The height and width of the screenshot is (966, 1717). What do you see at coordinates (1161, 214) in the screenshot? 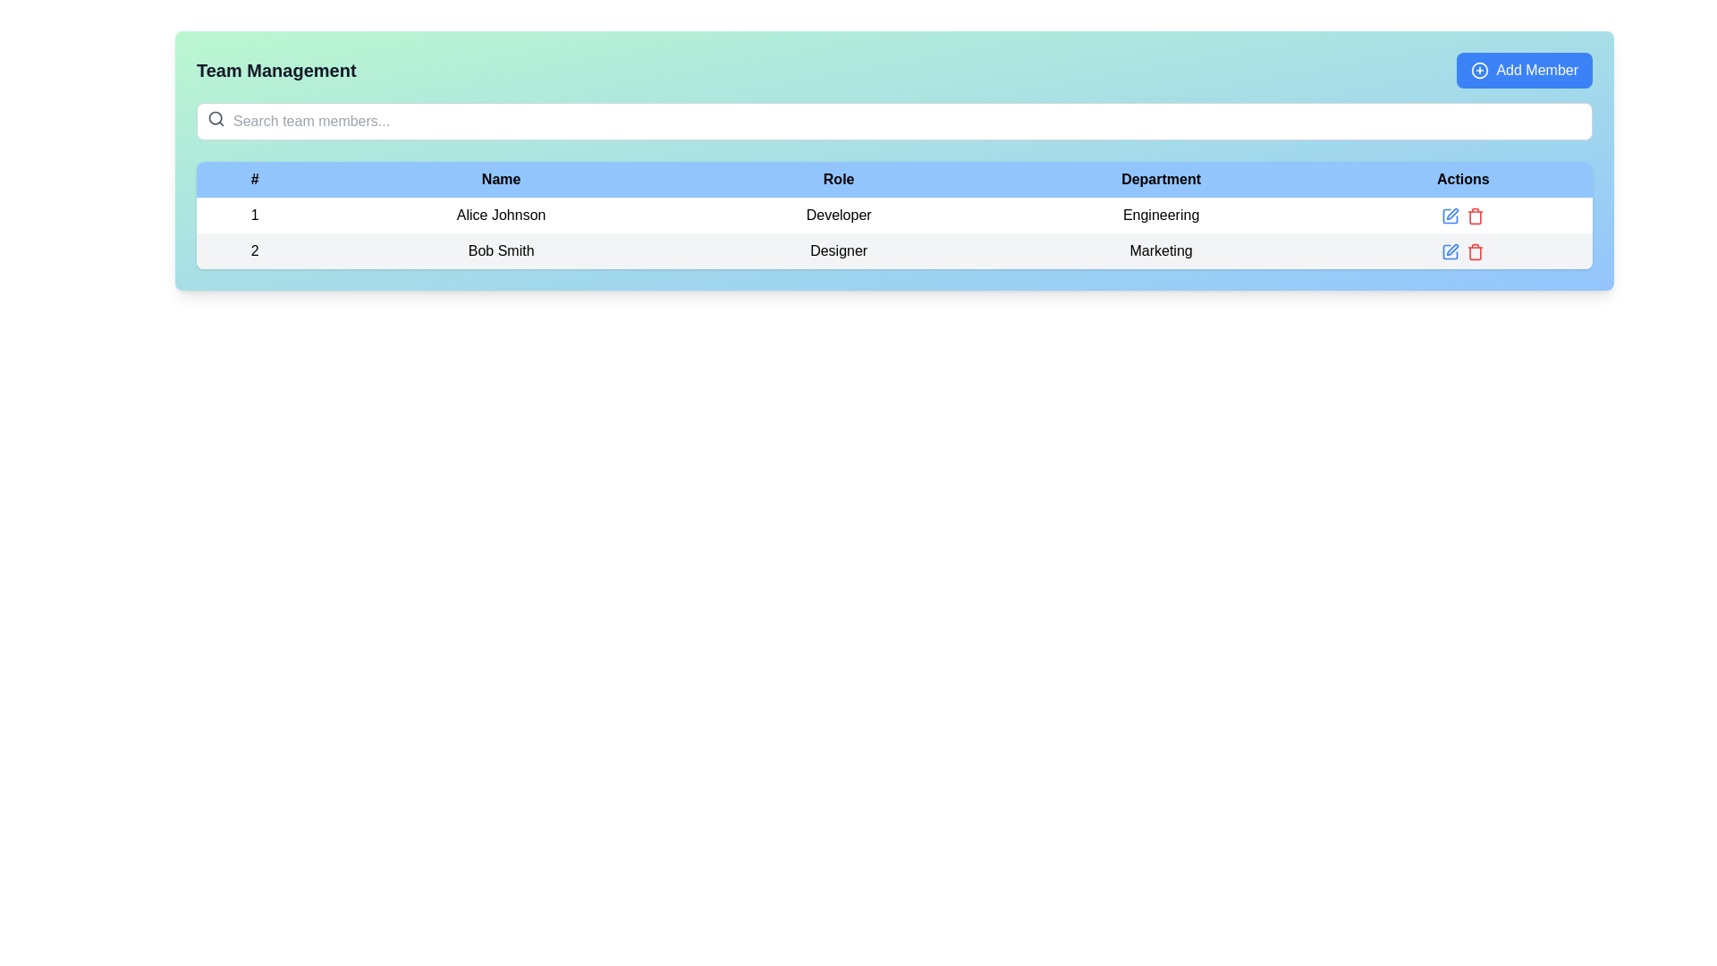
I see `the table cell indicating the department associated with the entry in the first row under the 'Department' column, adjacent to the cell containing 'Developer'` at bounding box center [1161, 214].